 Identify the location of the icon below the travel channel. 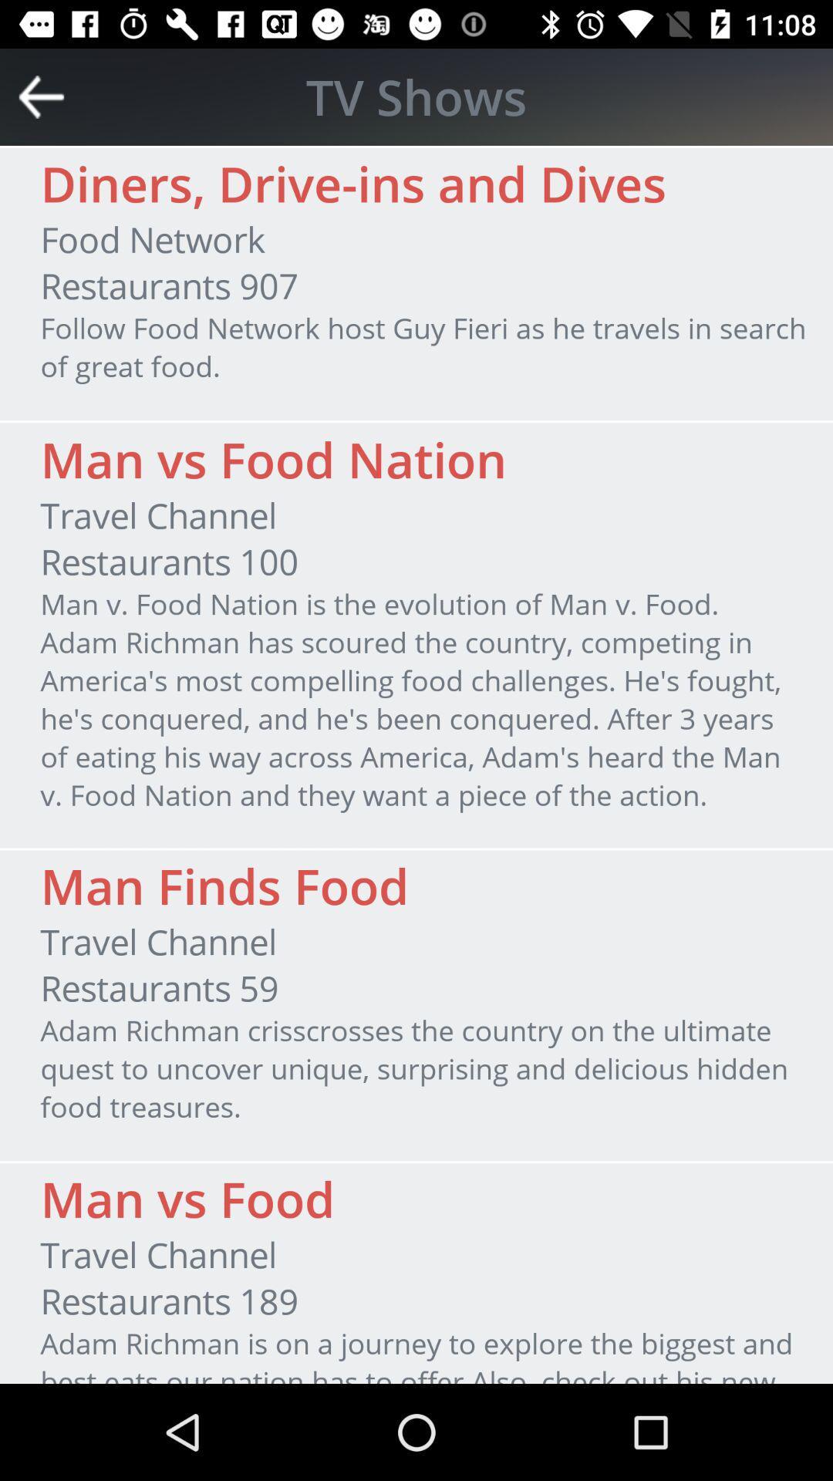
(160, 988).